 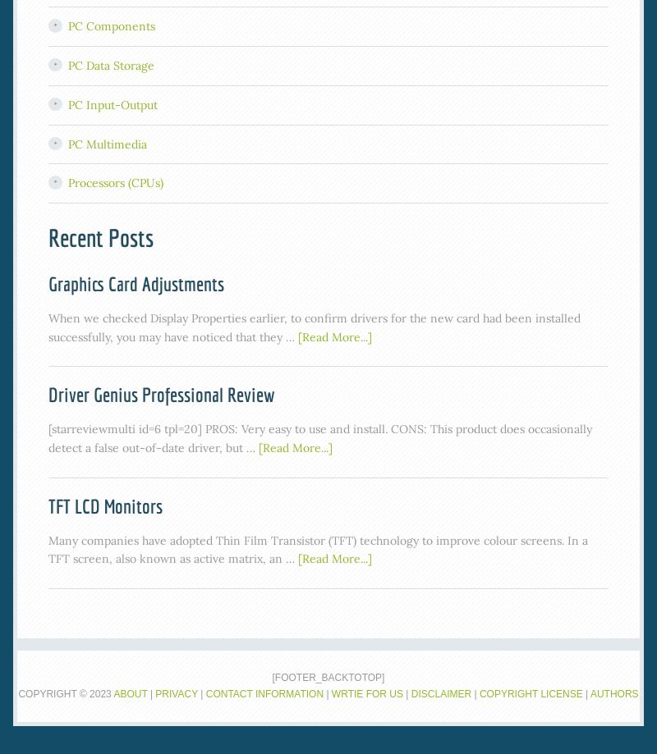 I want to click on 'Recent Posts', so click(x=99, y=237).